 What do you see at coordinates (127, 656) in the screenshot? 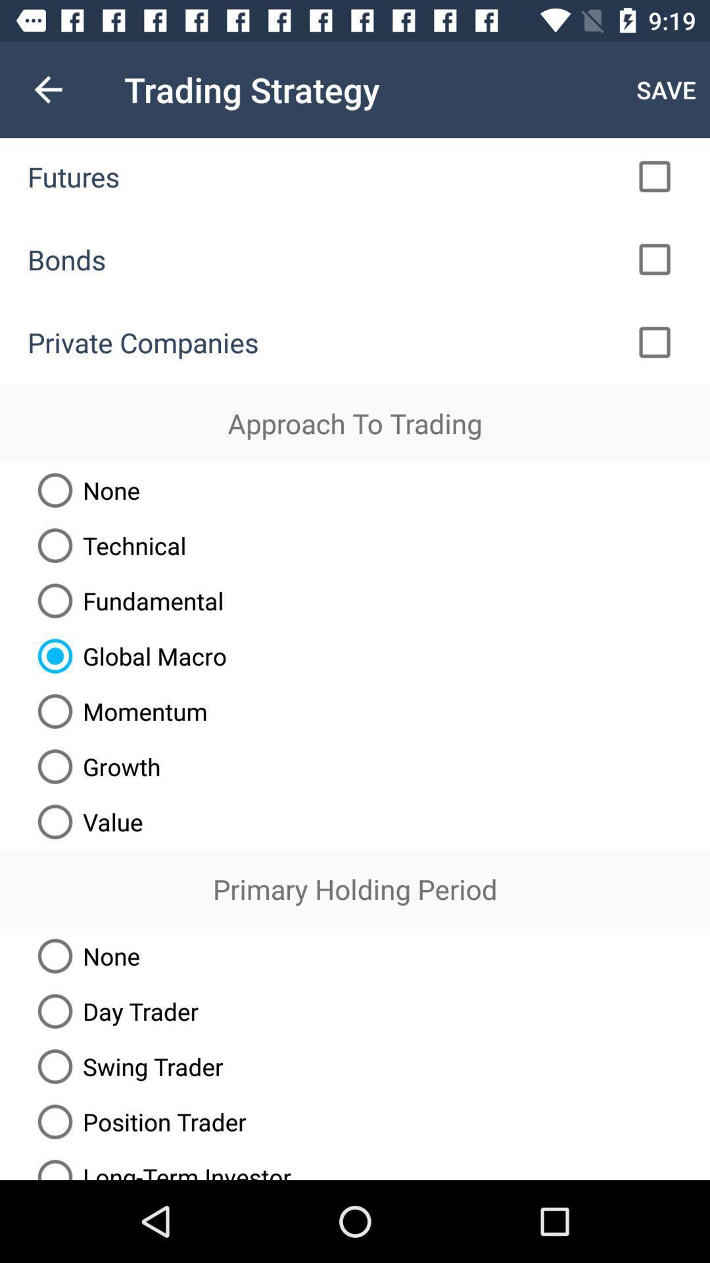
I see `radio button above momentum` at bounding box center [127, 656].